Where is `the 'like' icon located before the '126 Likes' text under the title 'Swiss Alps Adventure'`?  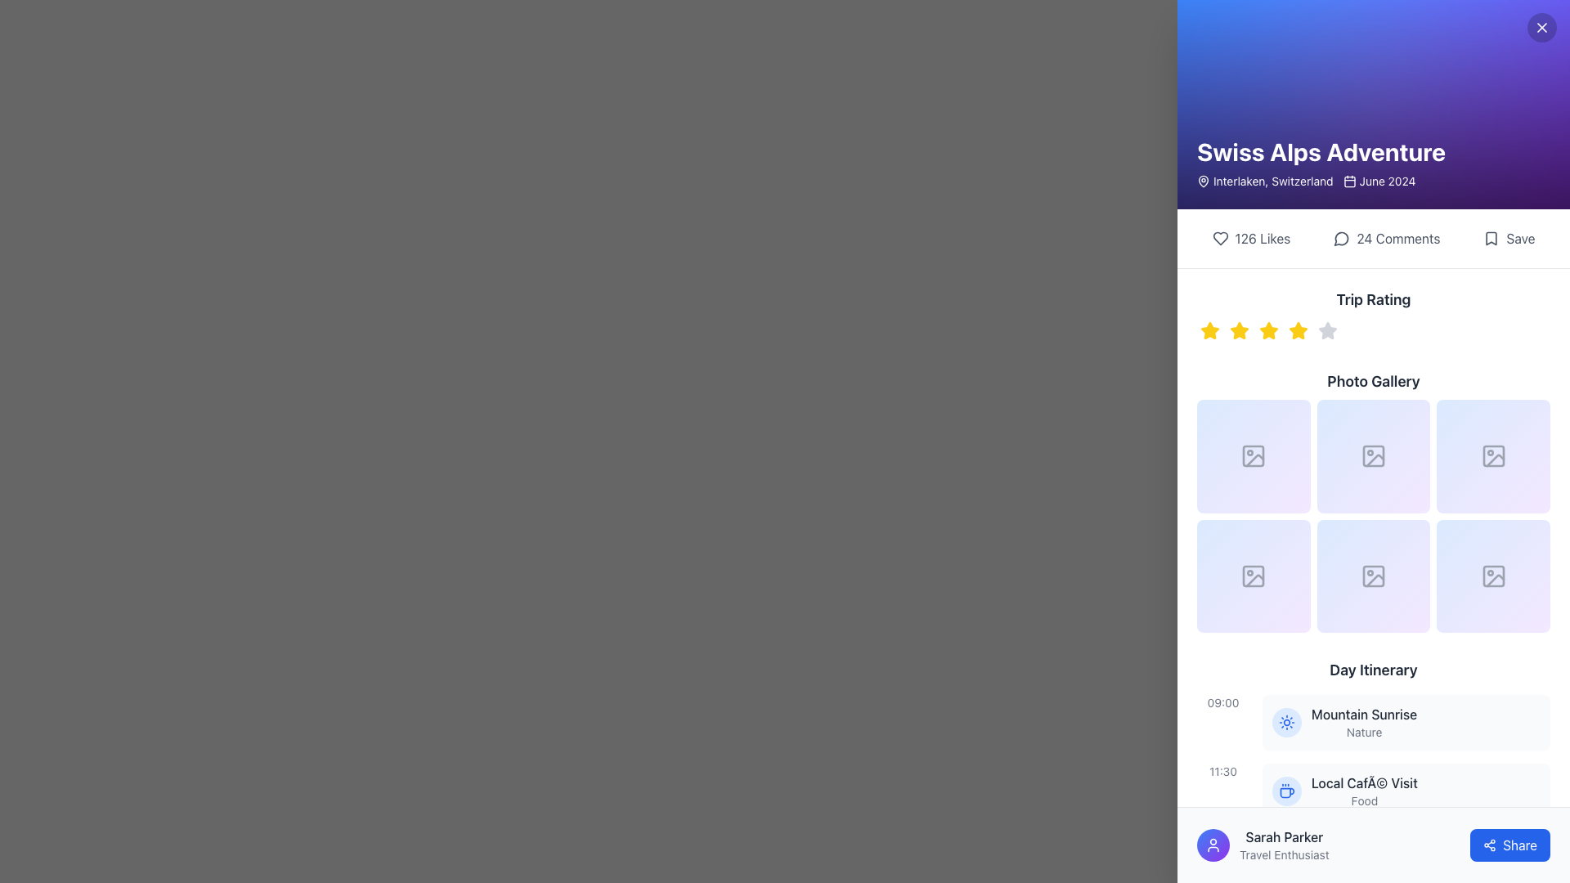 the 'like' icon located before the '126 Likes' text under the title 'Swiss Alps Adventure' is located at coordinates (1220, 239).